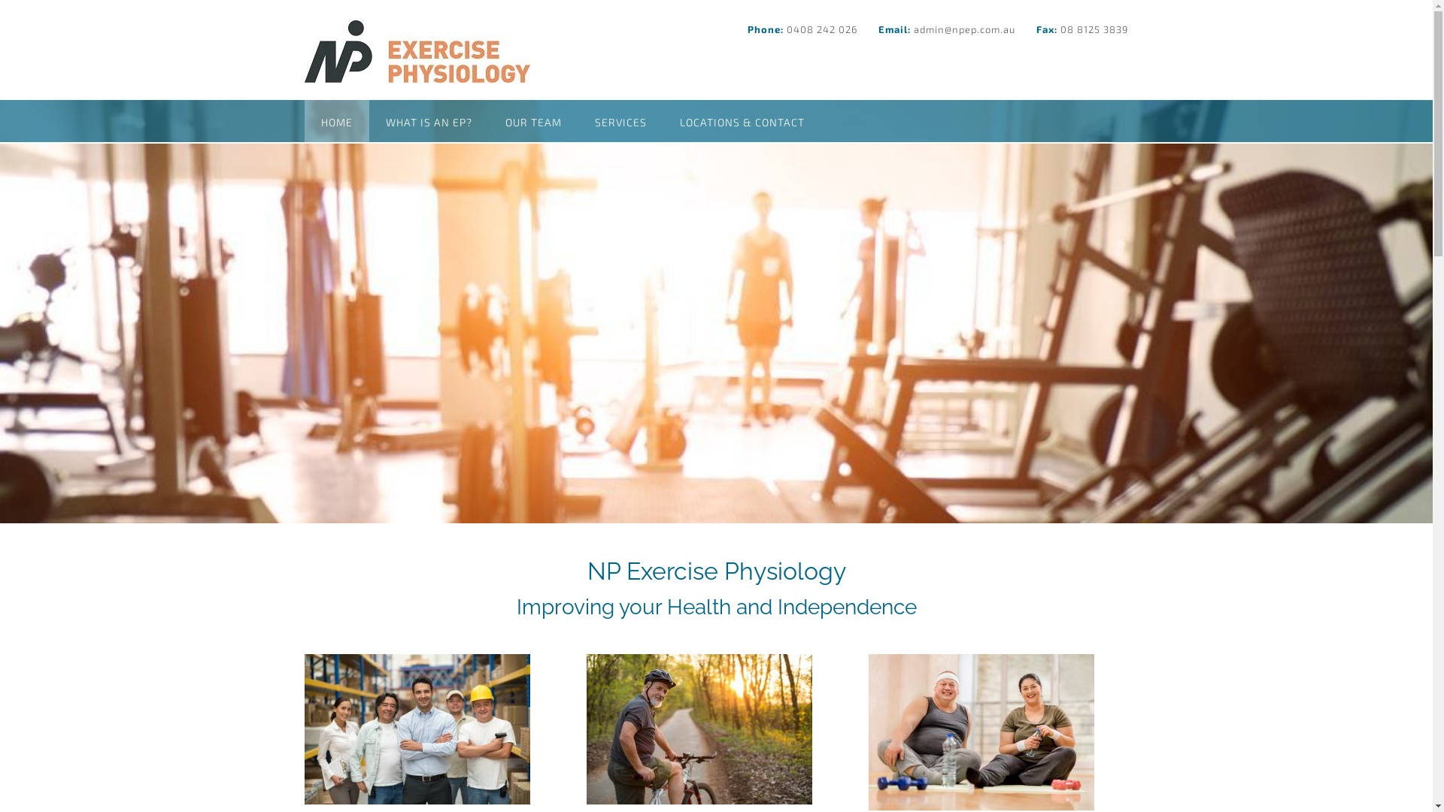 The height and width of the screenshot is (812, 1444). Describe the element at coordinates (368, 120) in the screenshot. I see `'WHAT IS AN EP?'` at that location.